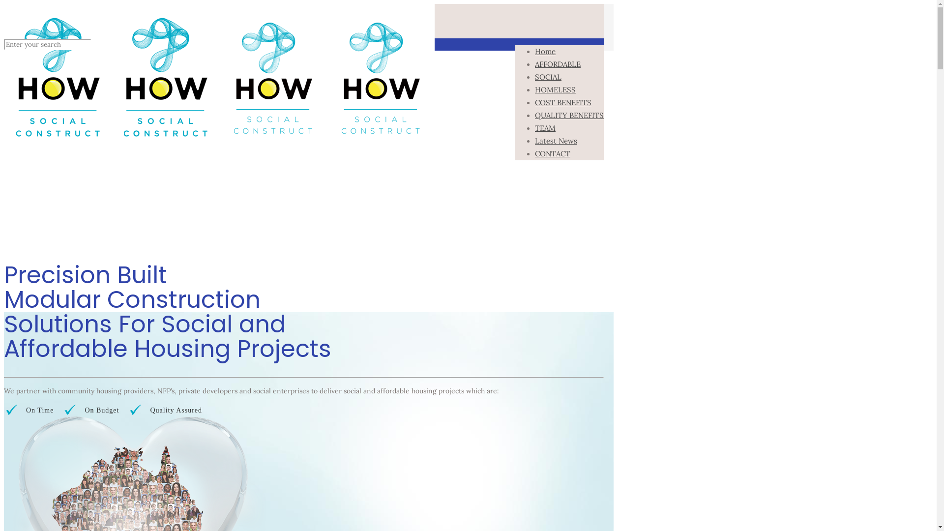 The width and height of the screenshot is (944, 531). I want to click on 'Home', so click(544, 51).